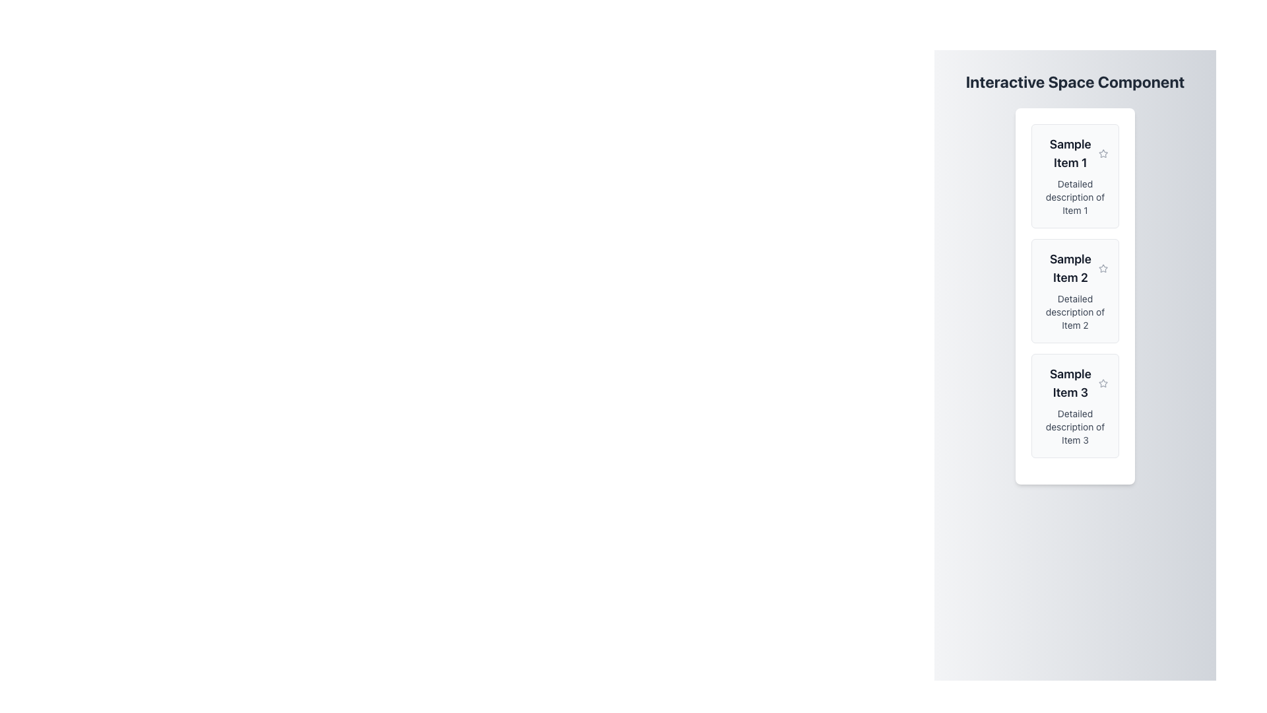 Image resolution: width=1267 pixels, height=713 pixels. Describe the element at coordinates (1103, 153) in the screenshot. I see `the rating icon located to the right of the 'Sample Item 1' text in the first information card` at that location.